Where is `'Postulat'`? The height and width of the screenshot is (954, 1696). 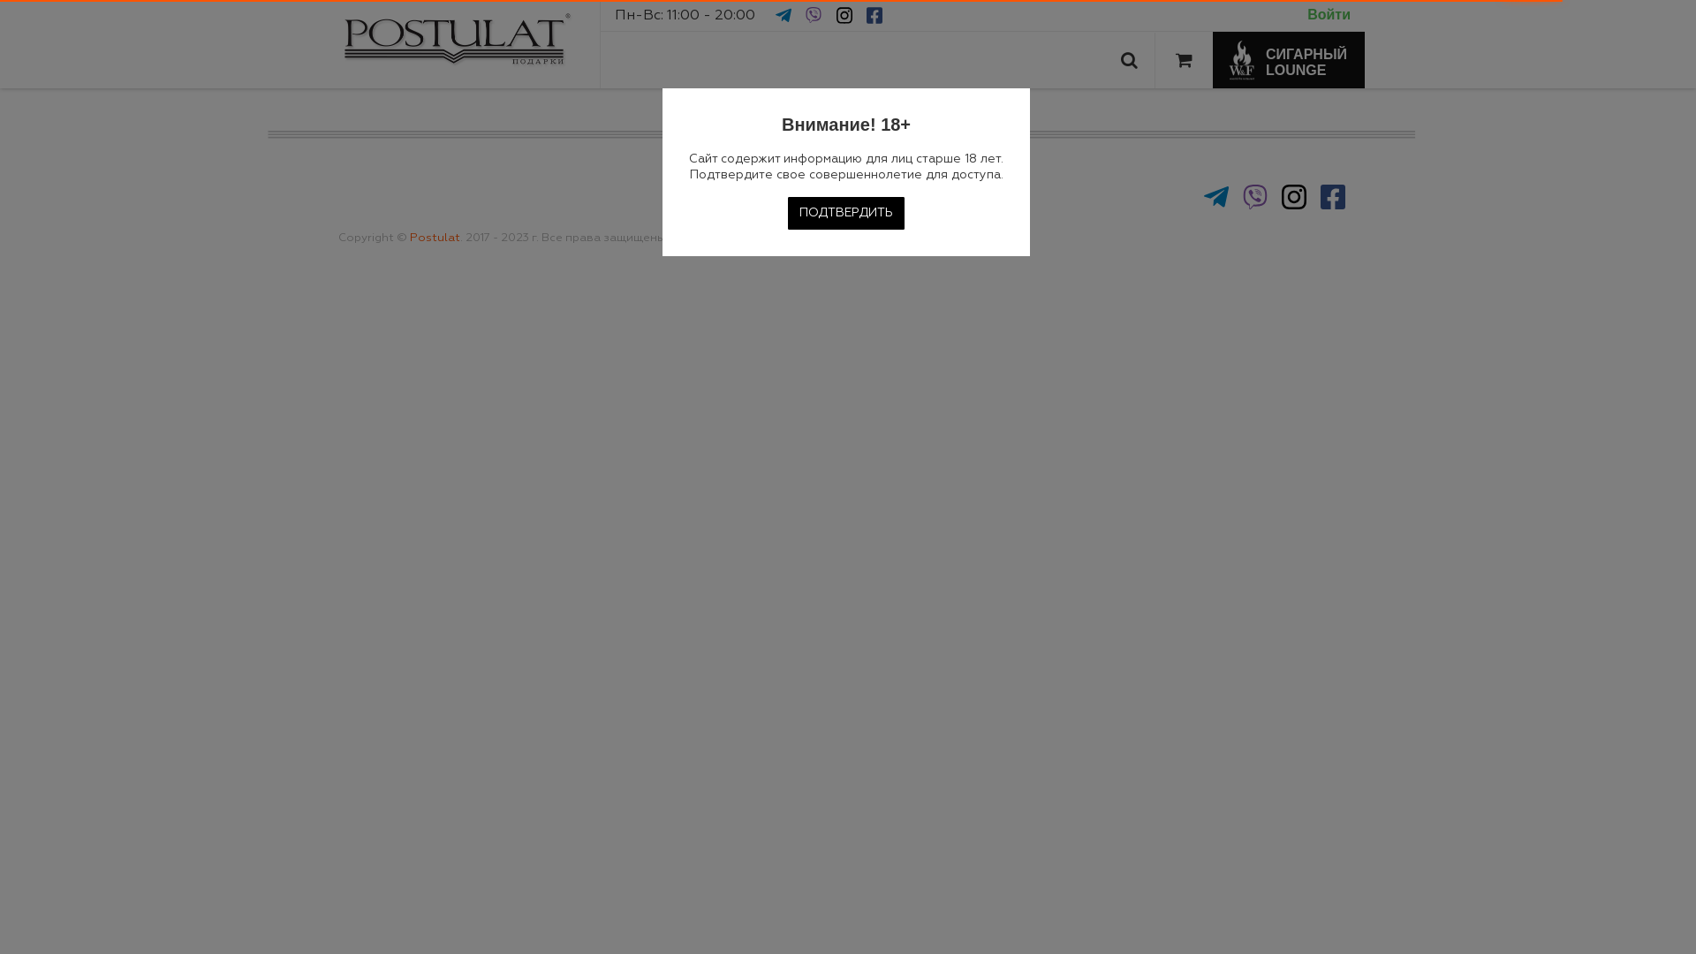
'Postulat' is located at coordinates (435, 237).